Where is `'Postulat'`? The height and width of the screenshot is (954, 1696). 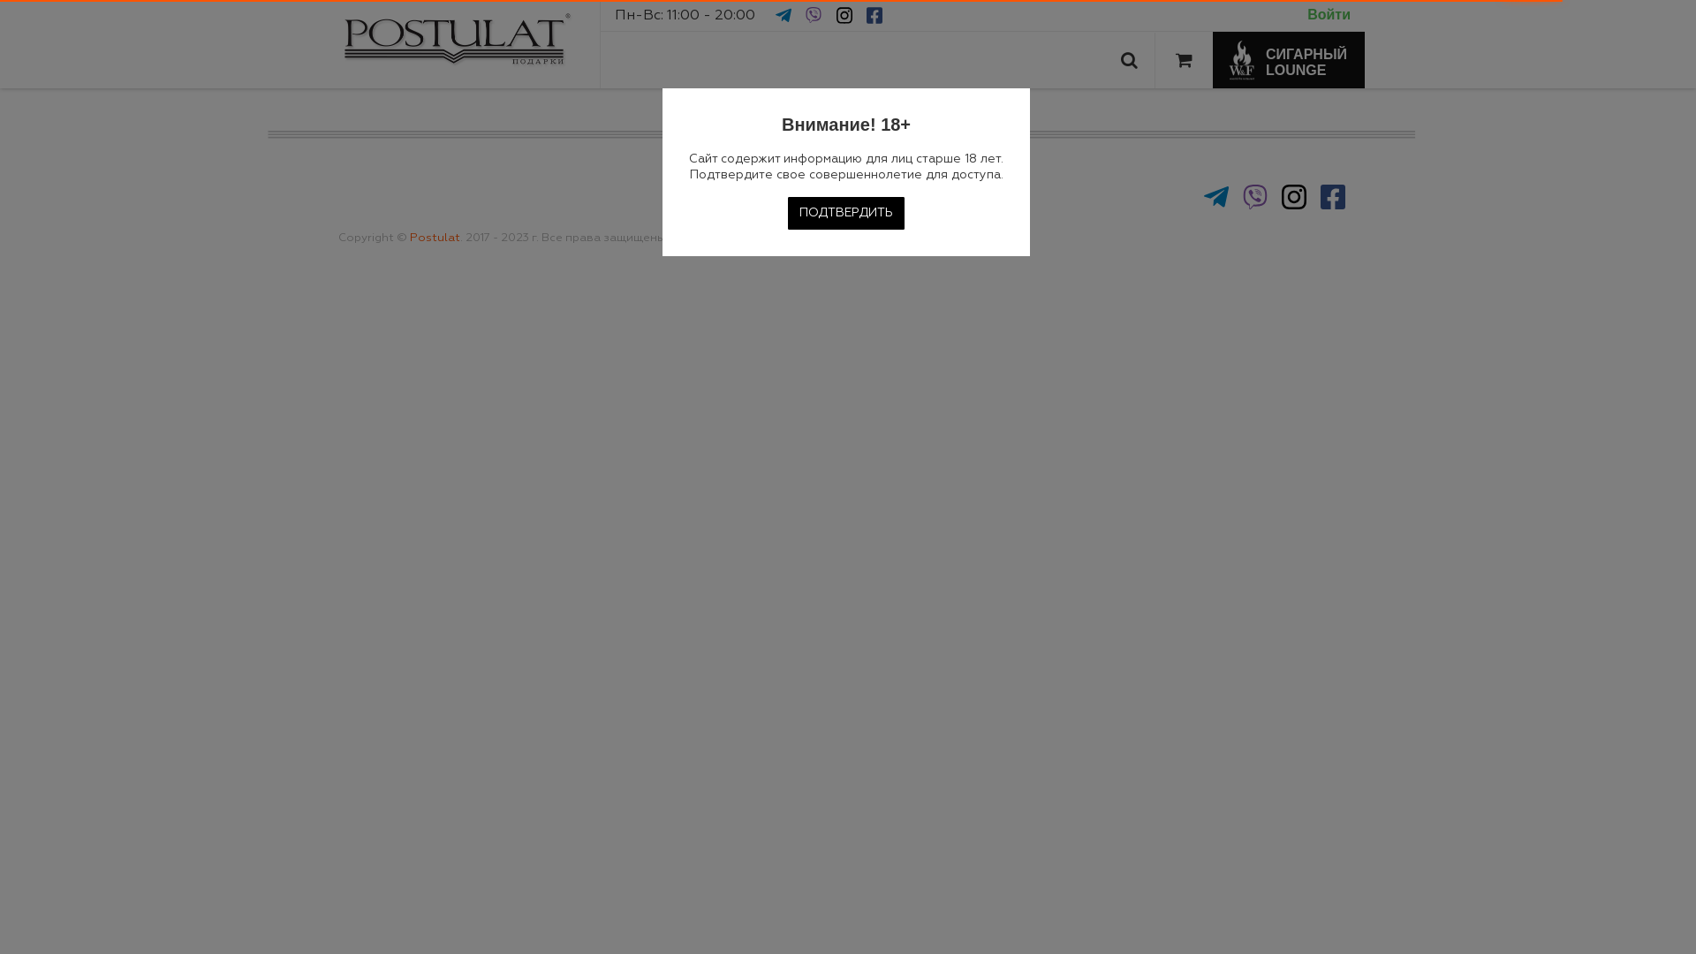
'Postulat' is located at coordinates (435, 237).